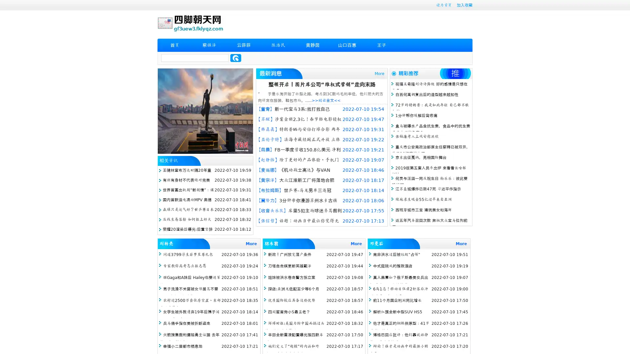  Describe the element at coordinates (236, 58) in the screenshot. I see `Search` at that location.